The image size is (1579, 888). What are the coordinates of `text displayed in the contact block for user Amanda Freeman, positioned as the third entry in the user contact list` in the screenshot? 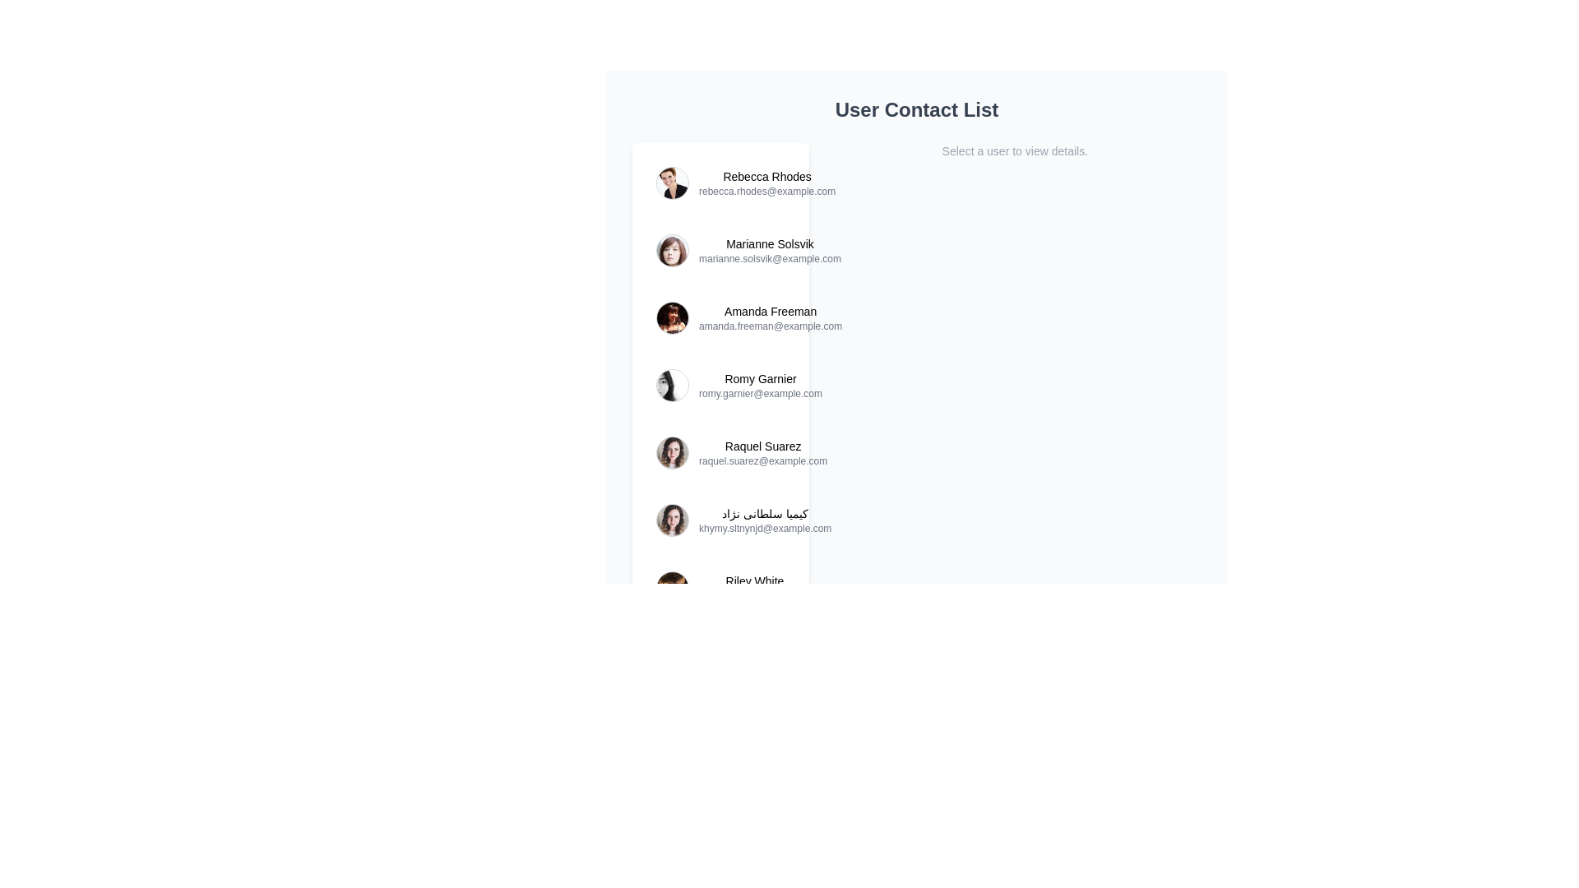 It's located at (770, 317).